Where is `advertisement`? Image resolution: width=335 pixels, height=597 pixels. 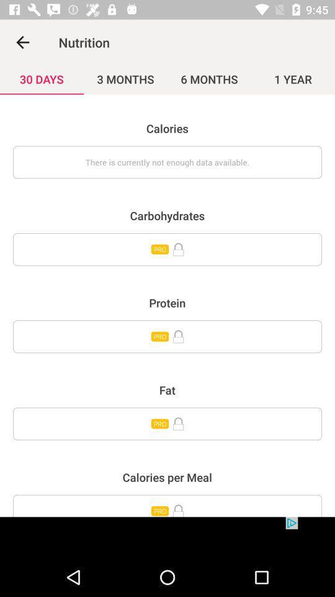
advertisement is located at coordinates (167, 537).